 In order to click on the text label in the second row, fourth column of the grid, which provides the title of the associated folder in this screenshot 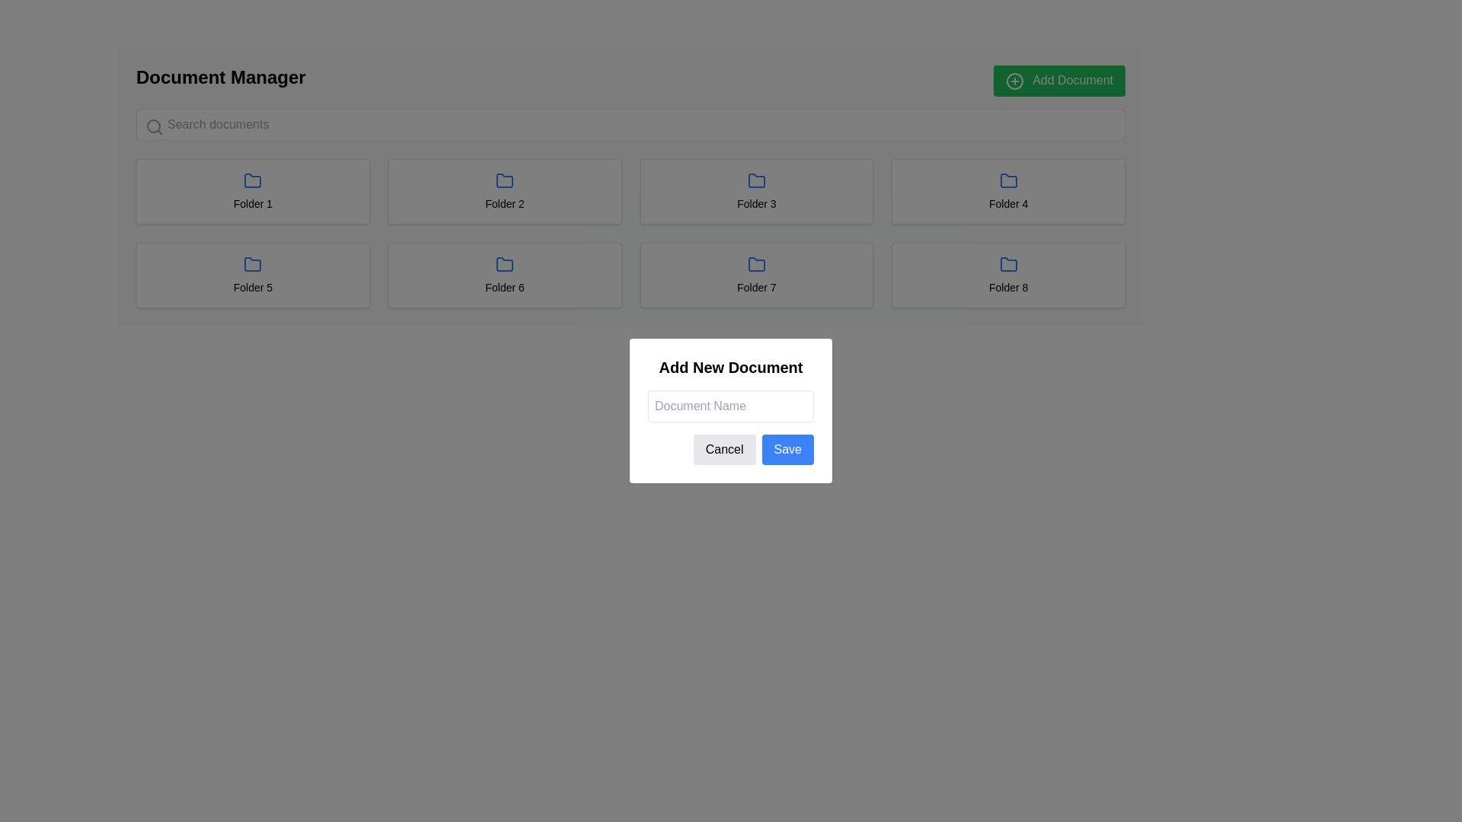, I will do `click(1008, 287)`.